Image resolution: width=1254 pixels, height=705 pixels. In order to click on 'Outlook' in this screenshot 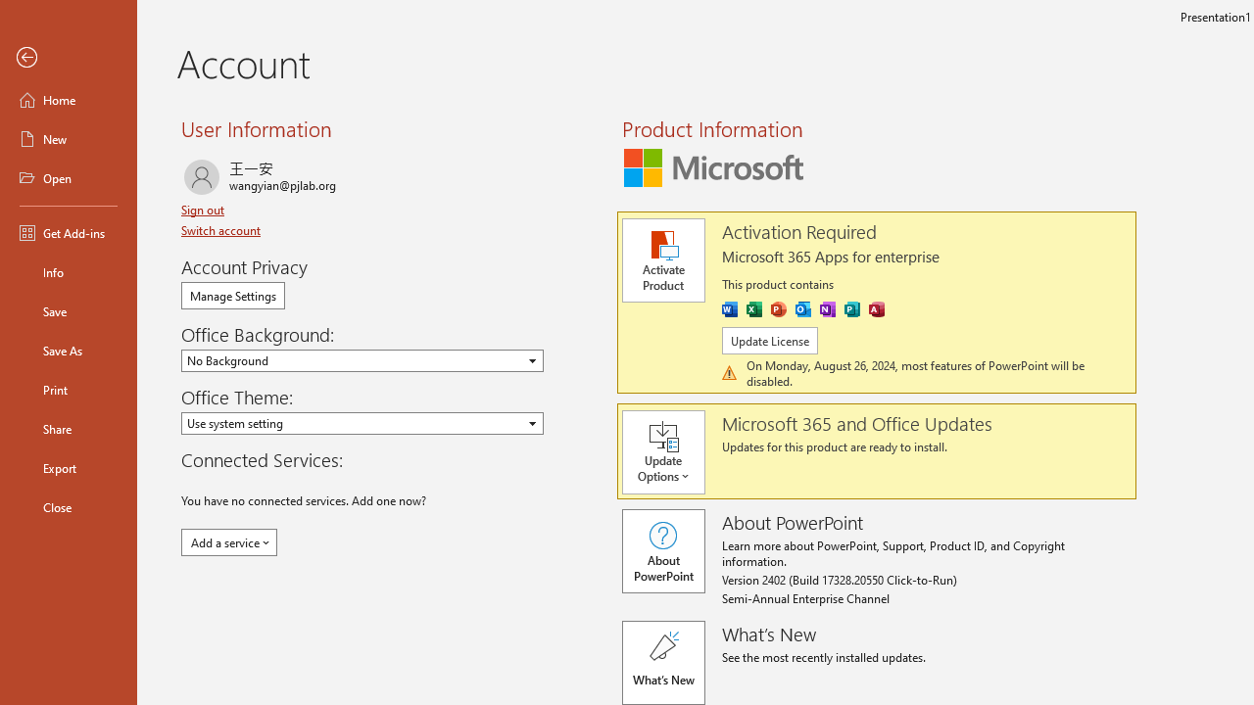, I will do `click(802, 308)`.